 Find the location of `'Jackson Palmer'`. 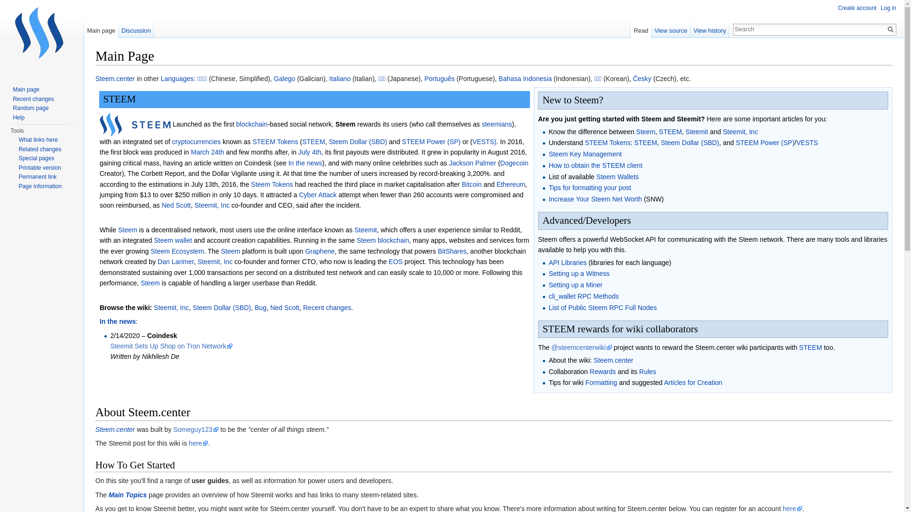

'Jackson Palmer' is located at coordinates (448, 162).